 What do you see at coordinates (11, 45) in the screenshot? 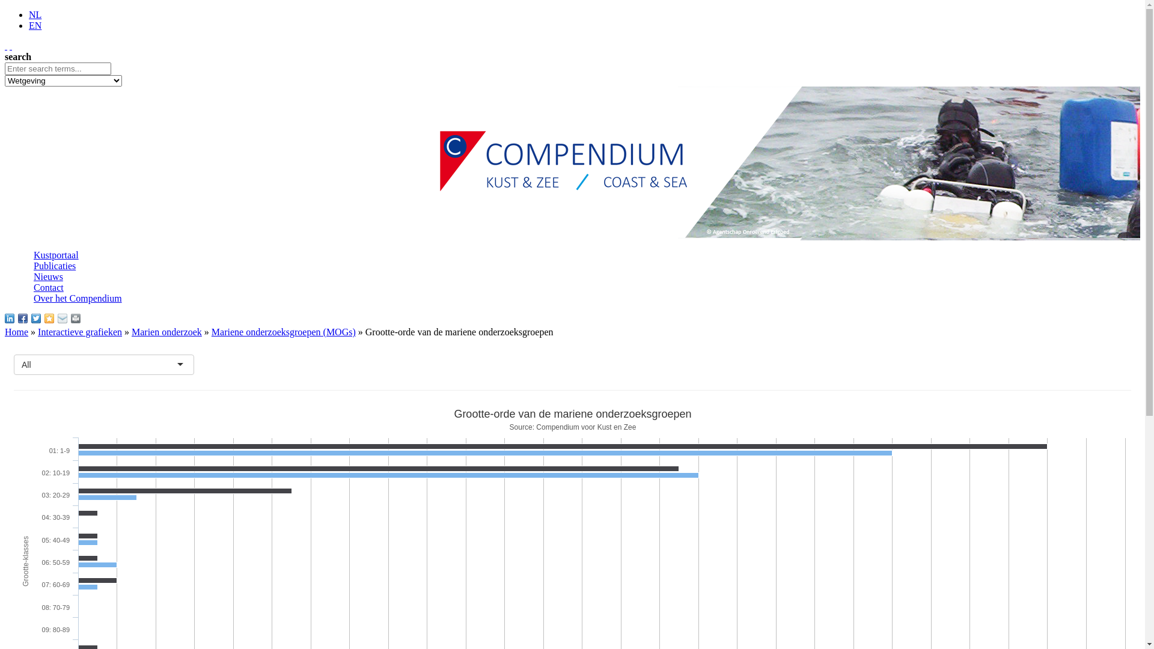
I see `' '` at bounding box center [11, 45].